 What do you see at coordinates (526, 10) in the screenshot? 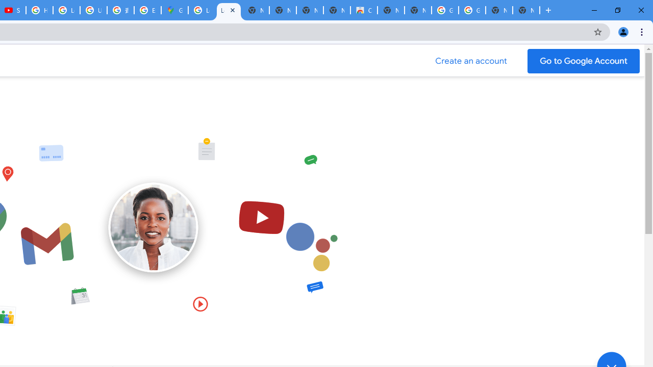
I see `'New Tab'` at bounding box center [526, 10].